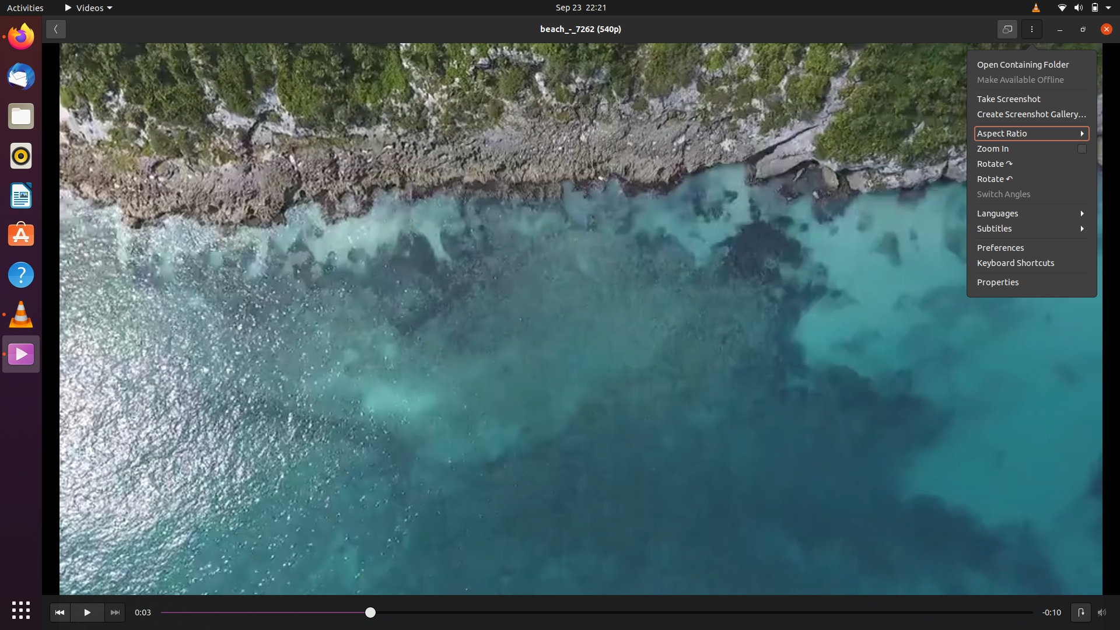  What do you see at coordinates (1032, 148) in the screenshot?
I see `Magnify the video by clicking the zoom in icon` at bounding box center [1032, 148].